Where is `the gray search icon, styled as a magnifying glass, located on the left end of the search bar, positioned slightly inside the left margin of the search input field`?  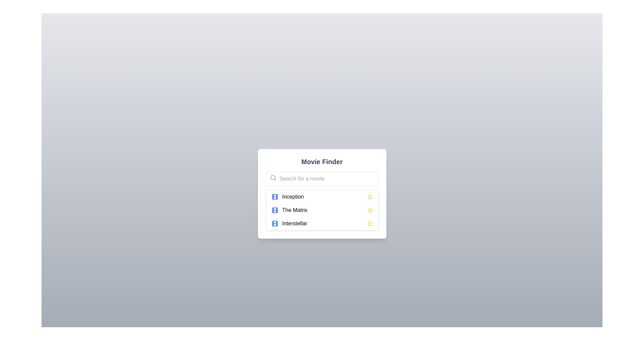
the gray search icon, styled as a magnifying glass, located on the left end of the search bar, positioned slightly inside the left margin of the search input field is located at coordinates (273, 177).